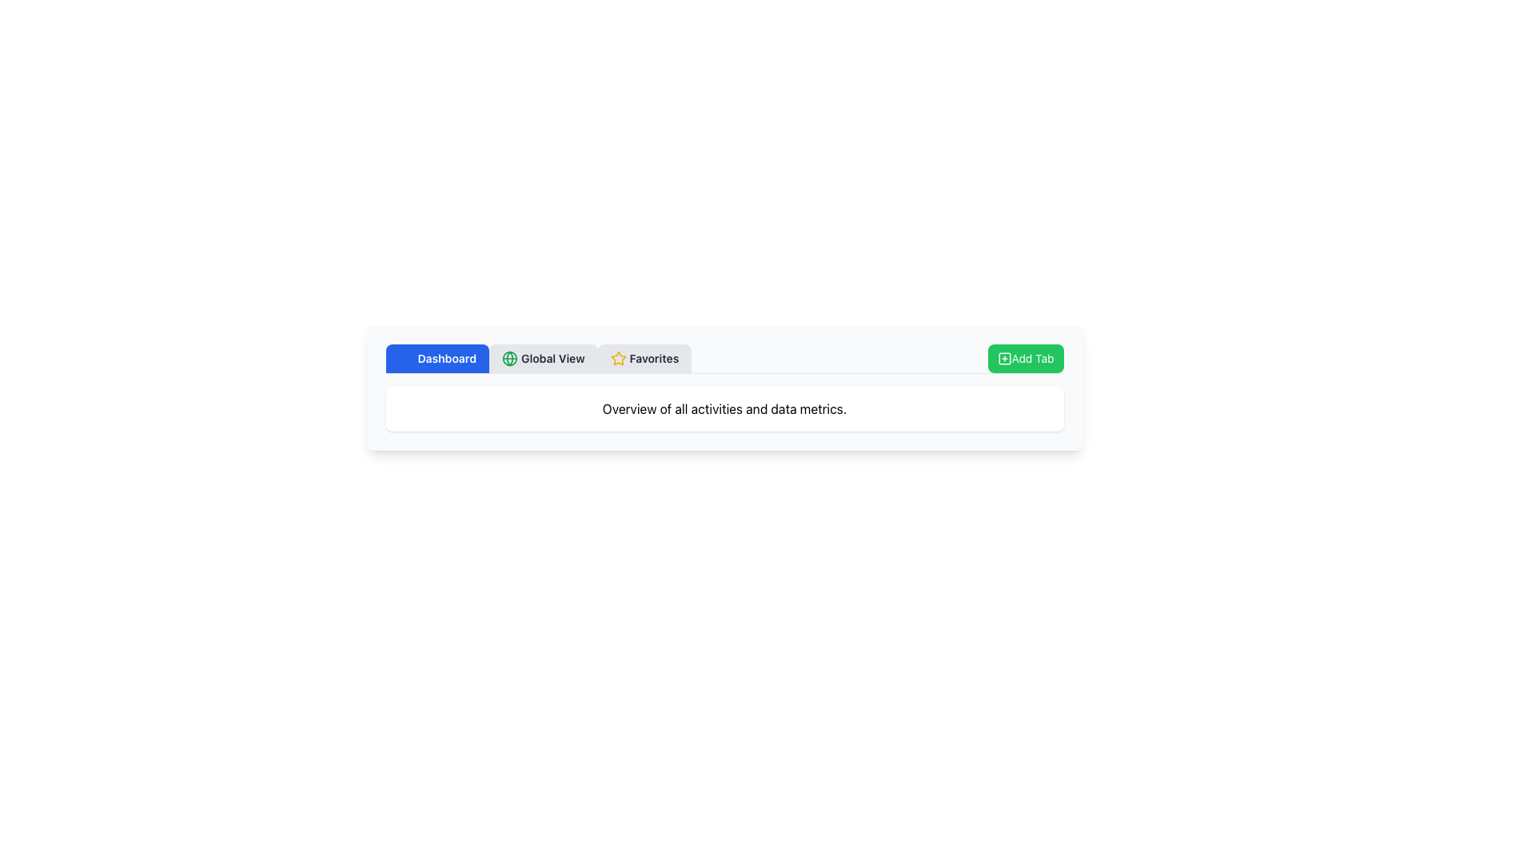 The height and width of the screenshot is (863, 1535). I want to click on the 'Favorites' icon located on the left side of the 'Favorites' tab in the navigation bar, which symbolizes favoriting or starring items, so click(617, 357).